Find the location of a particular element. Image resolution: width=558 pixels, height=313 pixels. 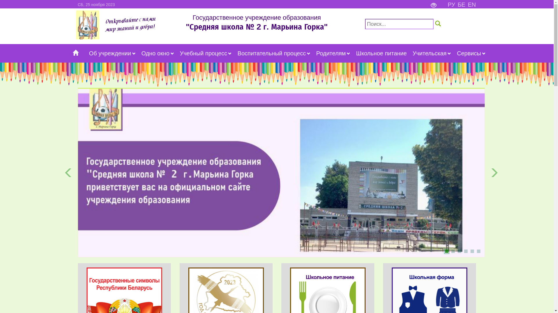

'5' is located at coordinates (472, 251).